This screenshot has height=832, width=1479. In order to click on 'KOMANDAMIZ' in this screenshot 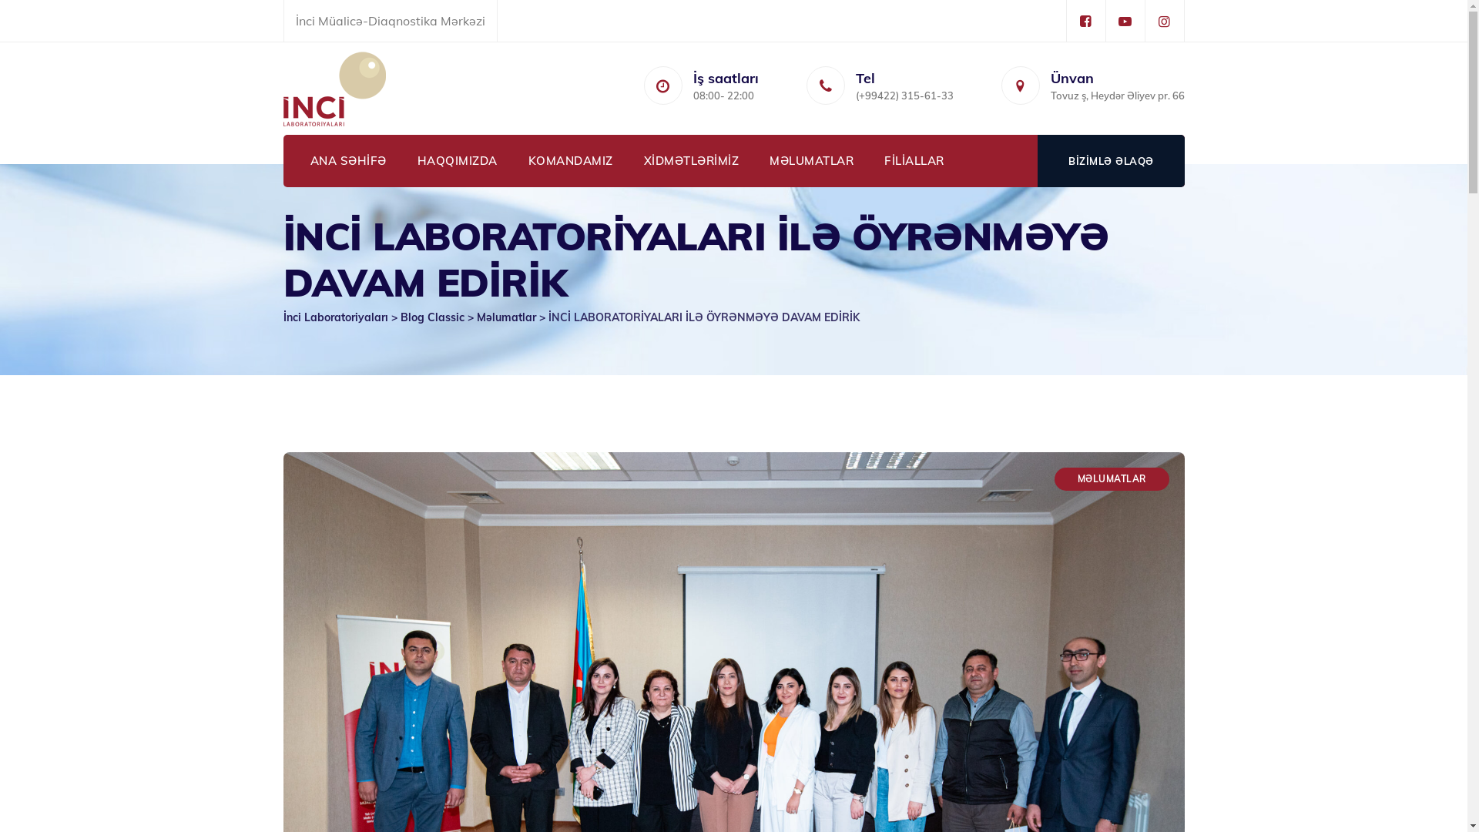, I will do `click(569, 160)`.